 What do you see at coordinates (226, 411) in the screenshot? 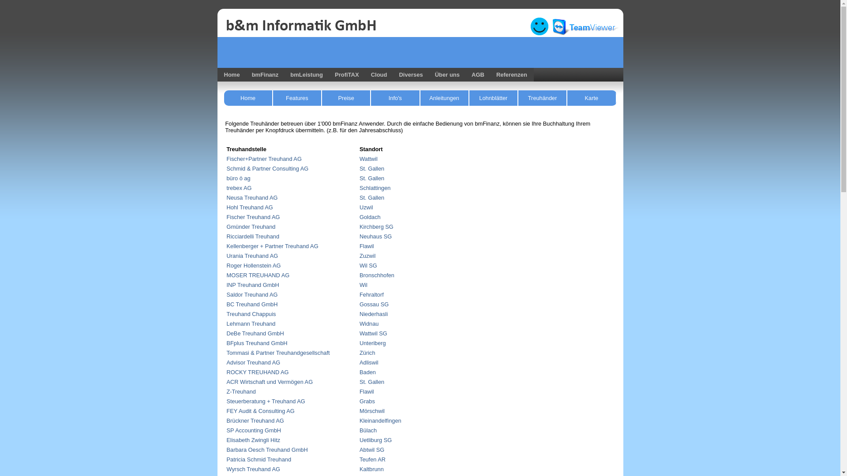
I see `'FEY Audit & Consulting AG'` at bounding box center [226, 411].